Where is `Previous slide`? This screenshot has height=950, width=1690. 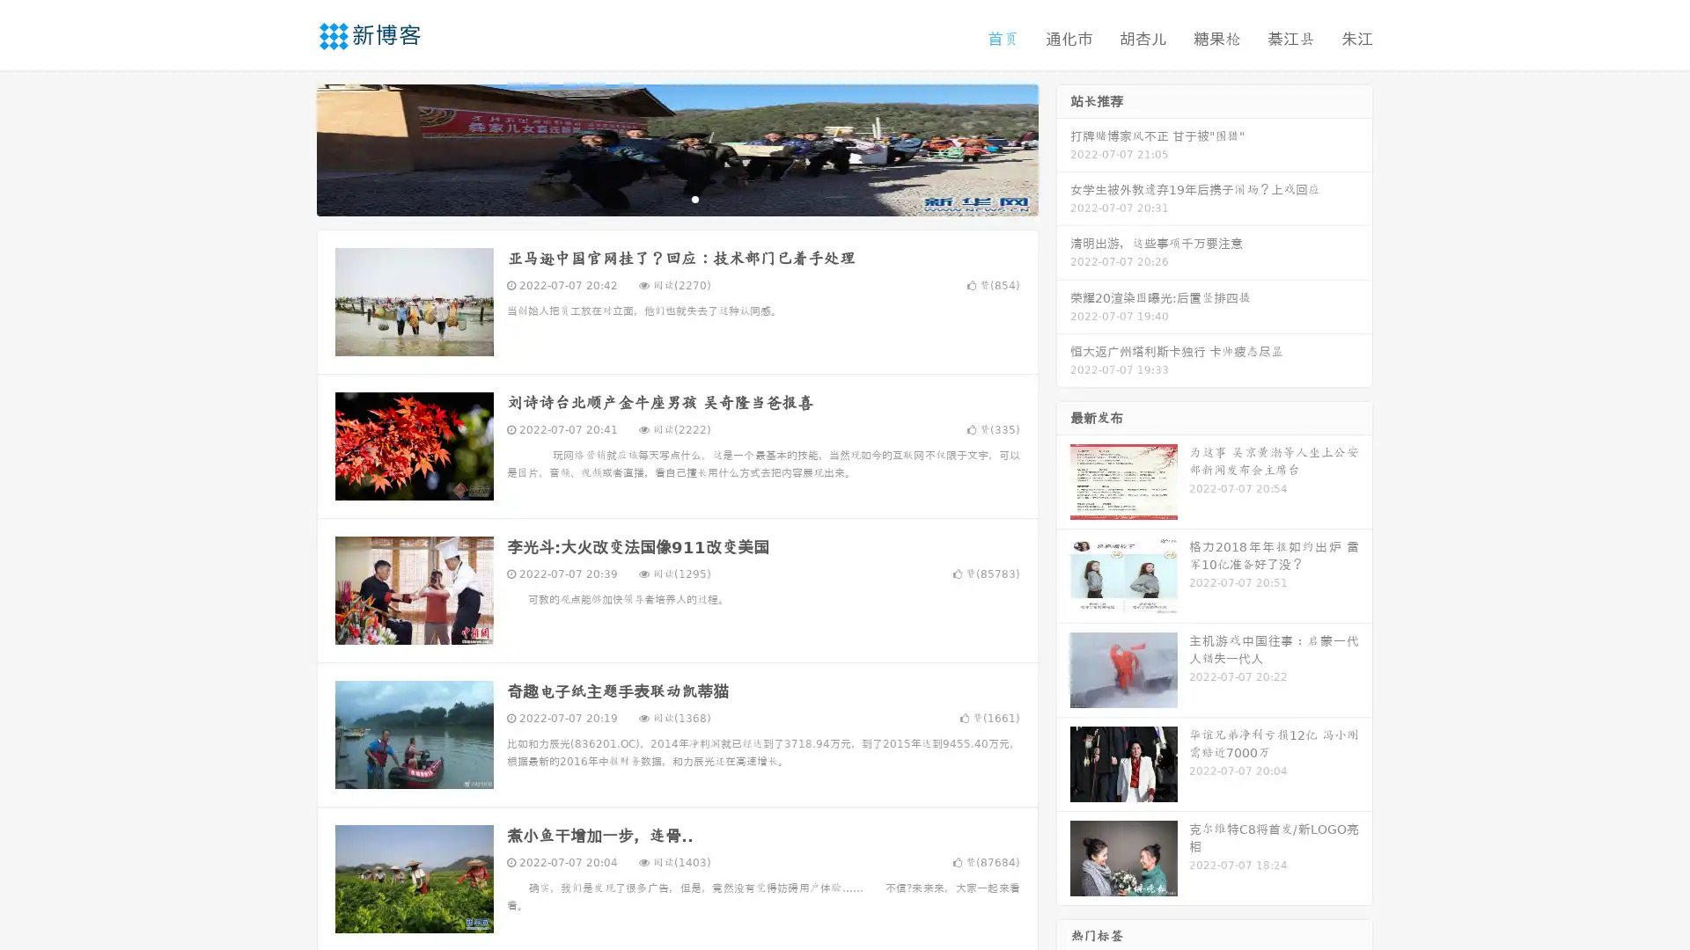 Previous slide is located at coordinates (290, 148).